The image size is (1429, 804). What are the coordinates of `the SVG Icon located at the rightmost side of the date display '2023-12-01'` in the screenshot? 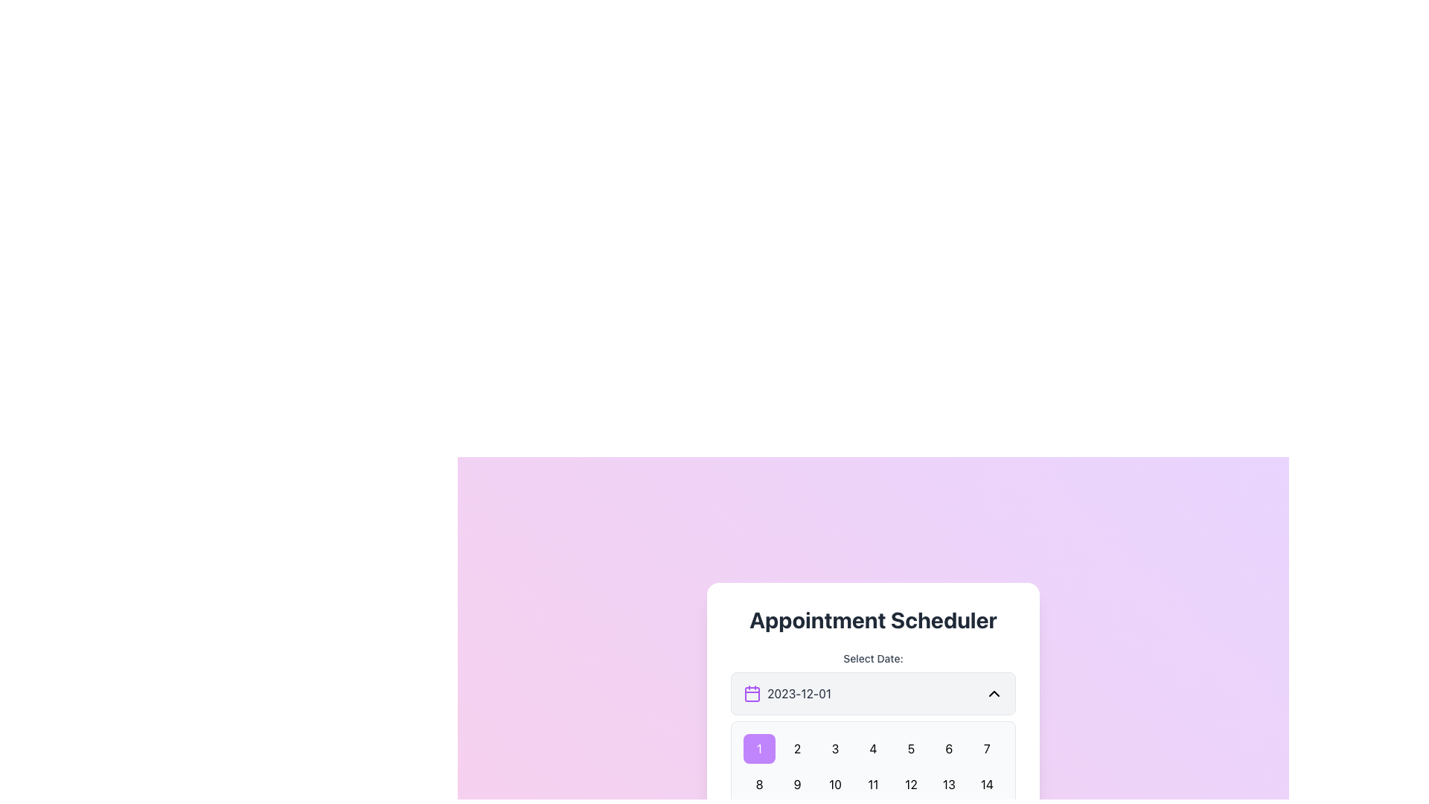 It's located at (994, 694).